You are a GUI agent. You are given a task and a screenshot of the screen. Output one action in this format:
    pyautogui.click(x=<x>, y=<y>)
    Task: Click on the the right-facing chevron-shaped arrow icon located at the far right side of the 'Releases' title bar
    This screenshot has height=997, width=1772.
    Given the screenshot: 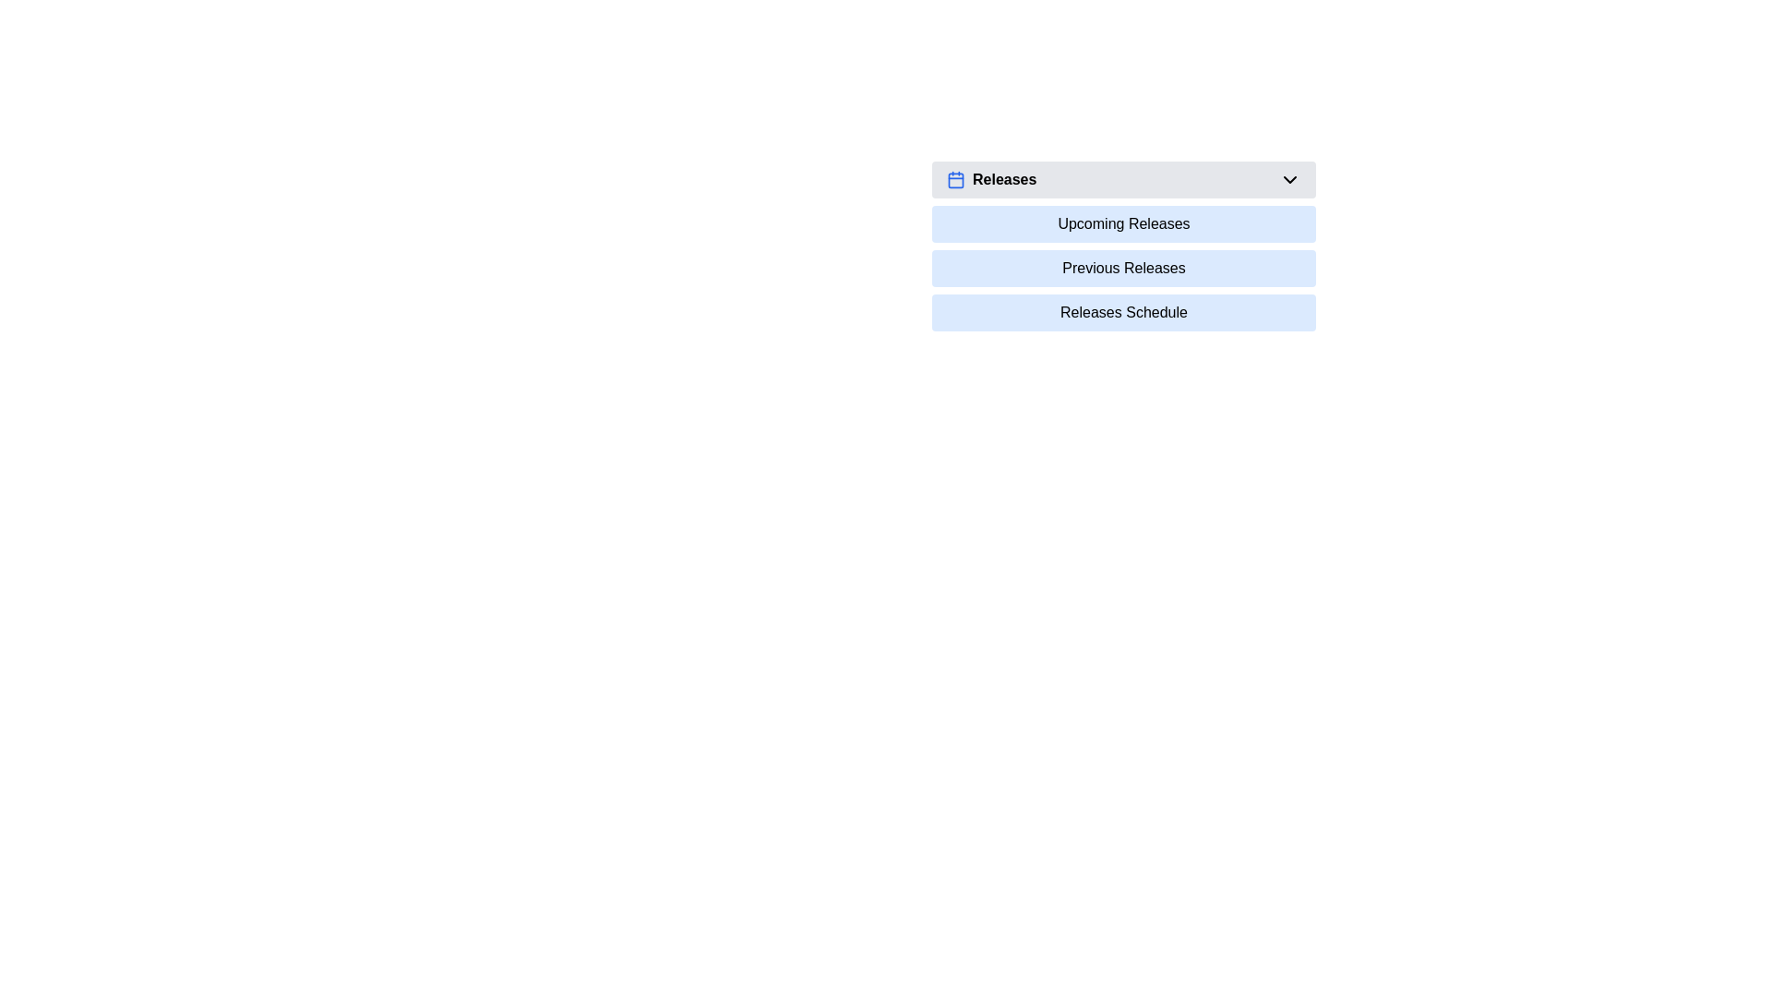 What is the action you would take?
    pyautogui.click(x=1288, y=180)
    